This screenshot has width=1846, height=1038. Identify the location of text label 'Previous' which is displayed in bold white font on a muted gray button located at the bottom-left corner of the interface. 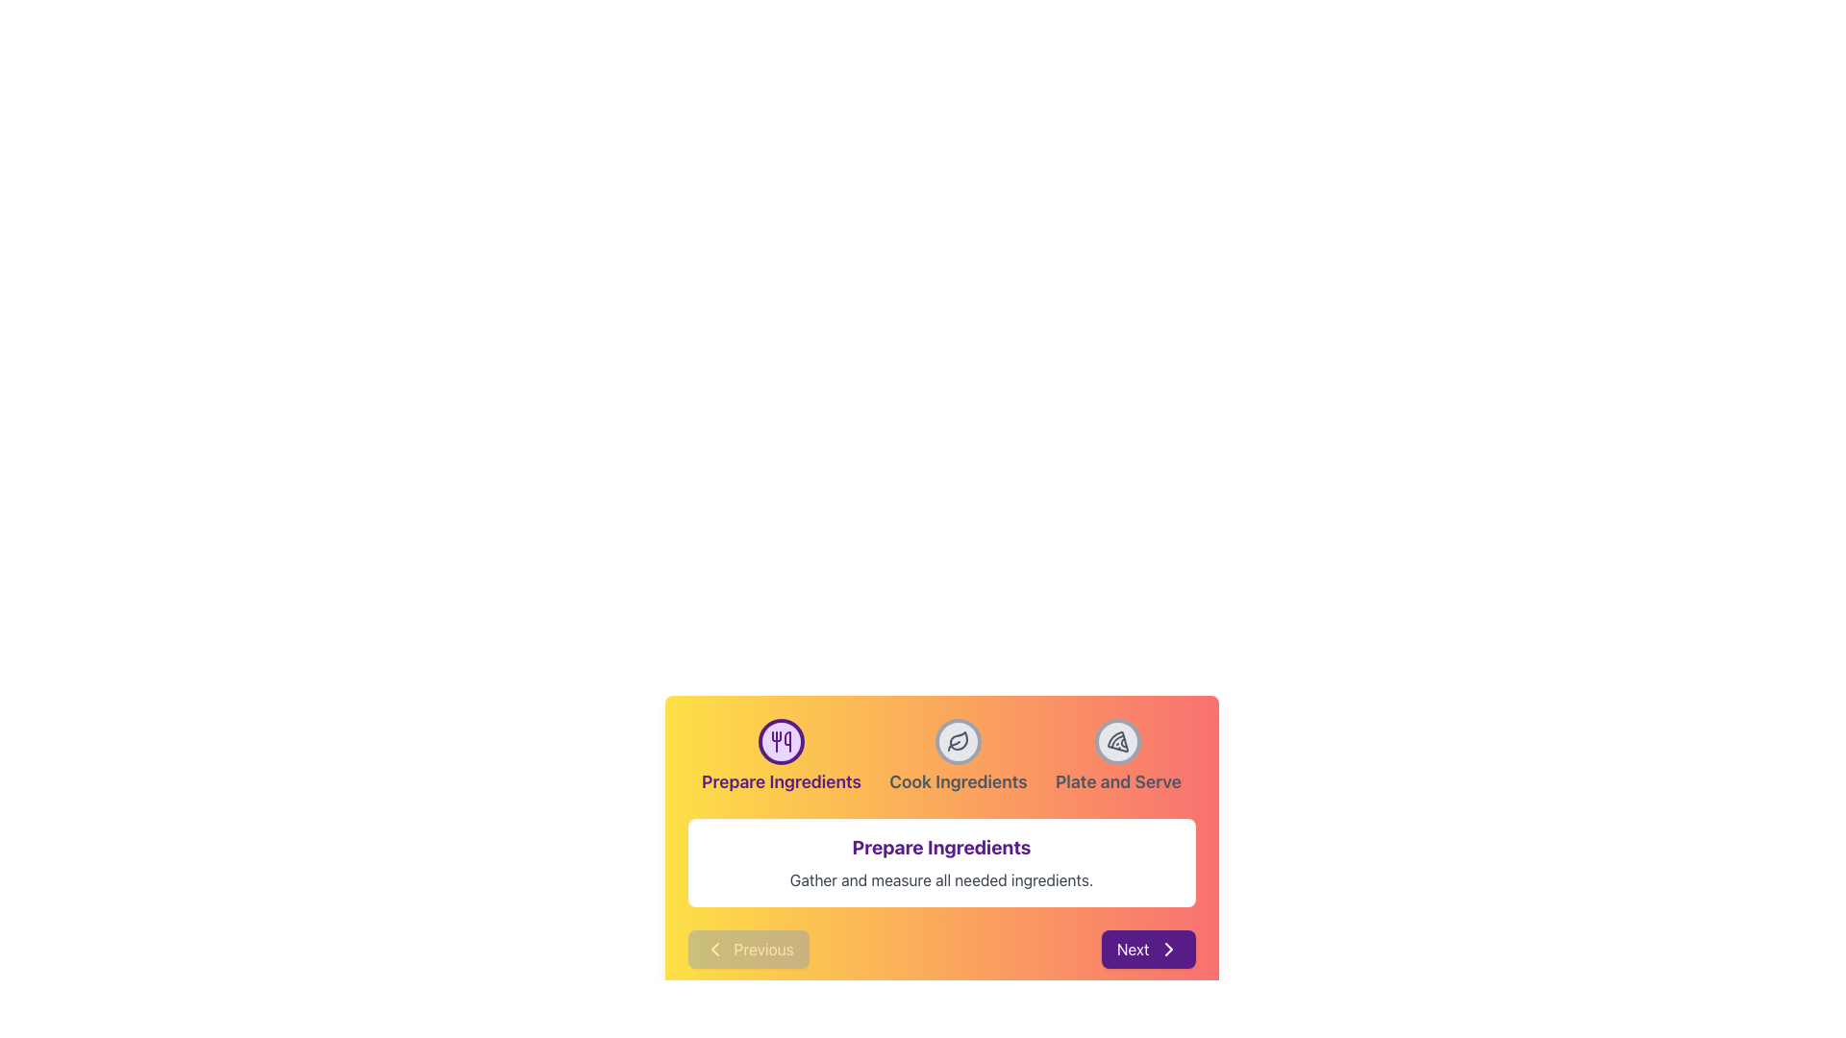
(762, 948).